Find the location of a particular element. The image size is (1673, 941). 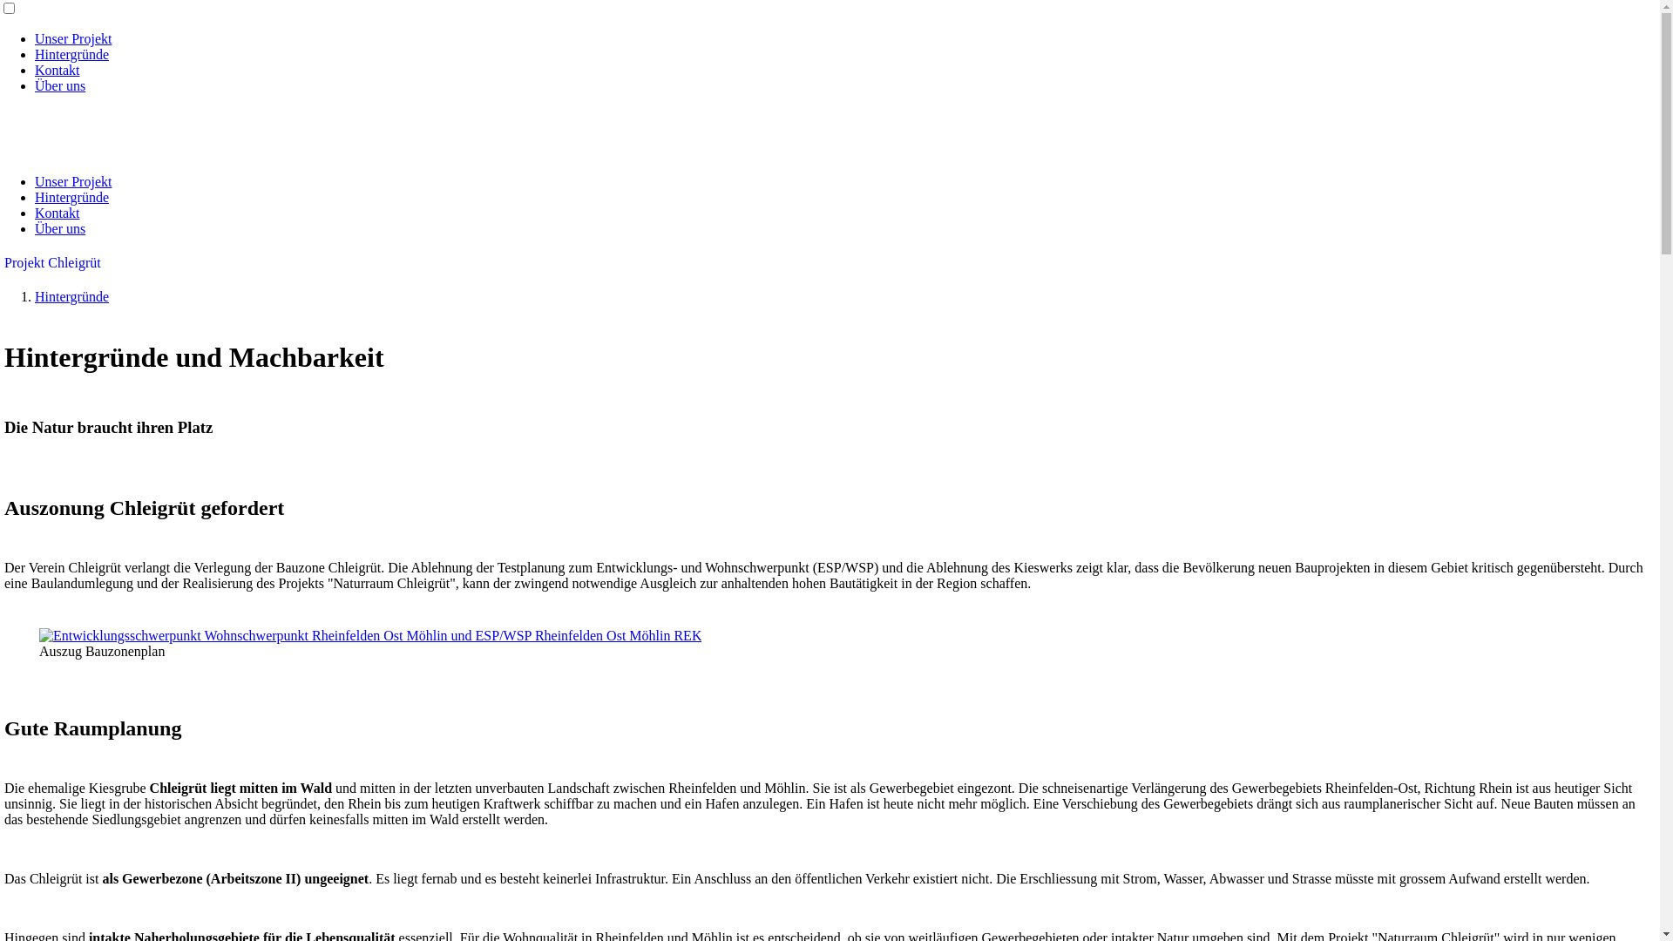

'Kontakt' is located at coordinates (58, 69).